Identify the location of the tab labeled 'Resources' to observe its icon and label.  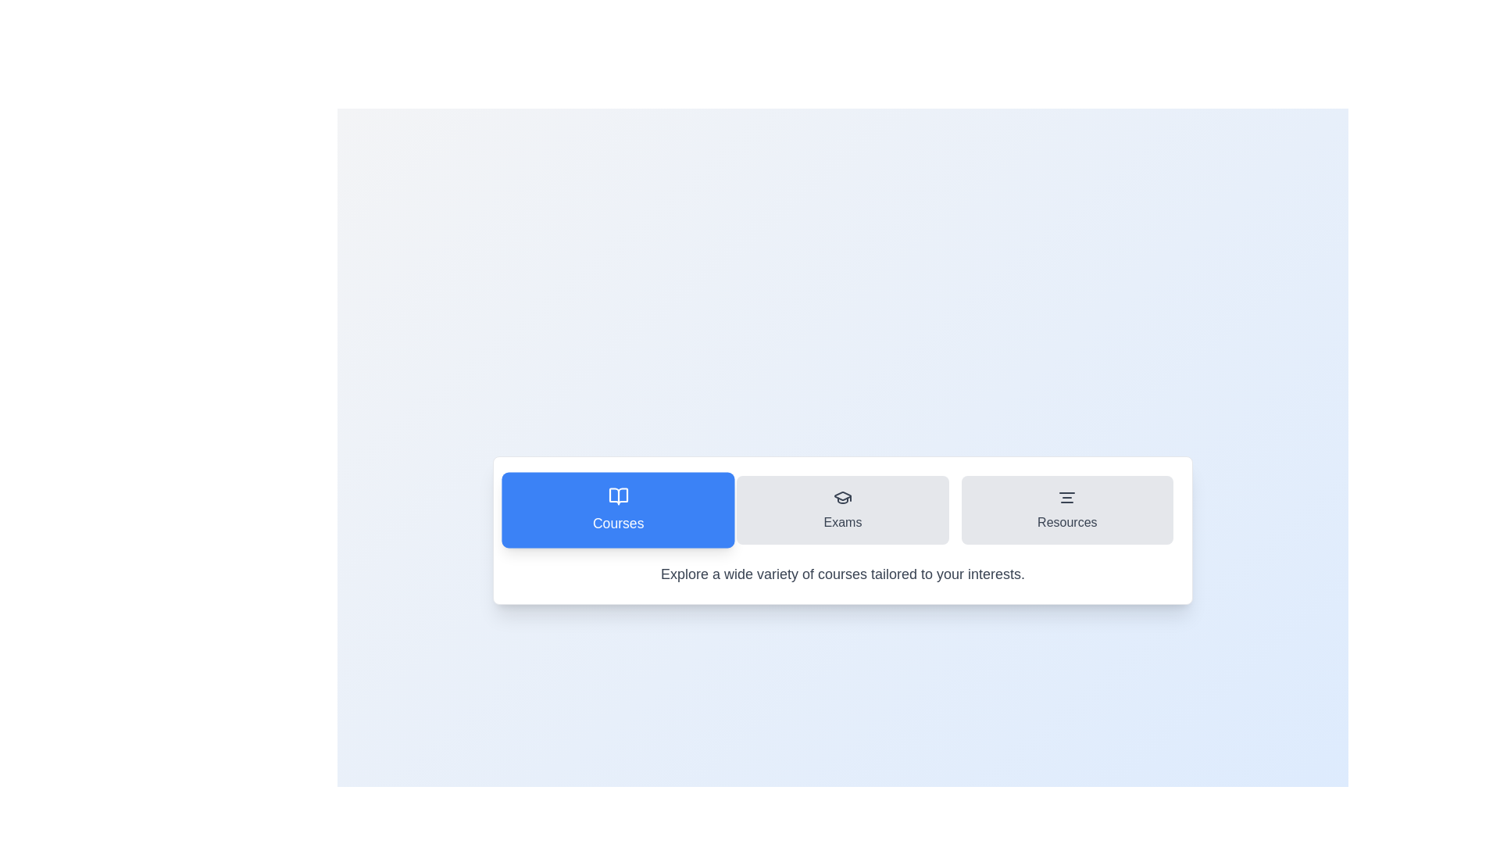
(1066, 510).